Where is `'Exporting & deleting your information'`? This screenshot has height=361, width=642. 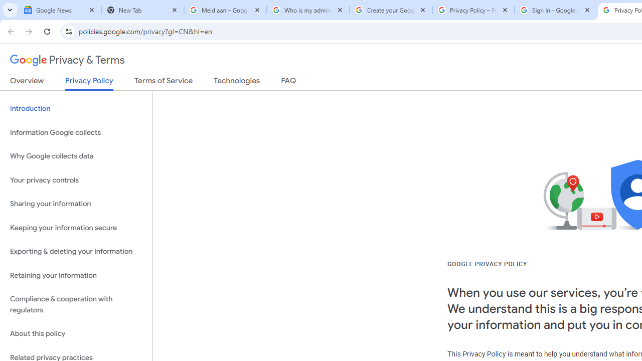 'Exporting & deleting your information' is located at coordinates (76, 251).